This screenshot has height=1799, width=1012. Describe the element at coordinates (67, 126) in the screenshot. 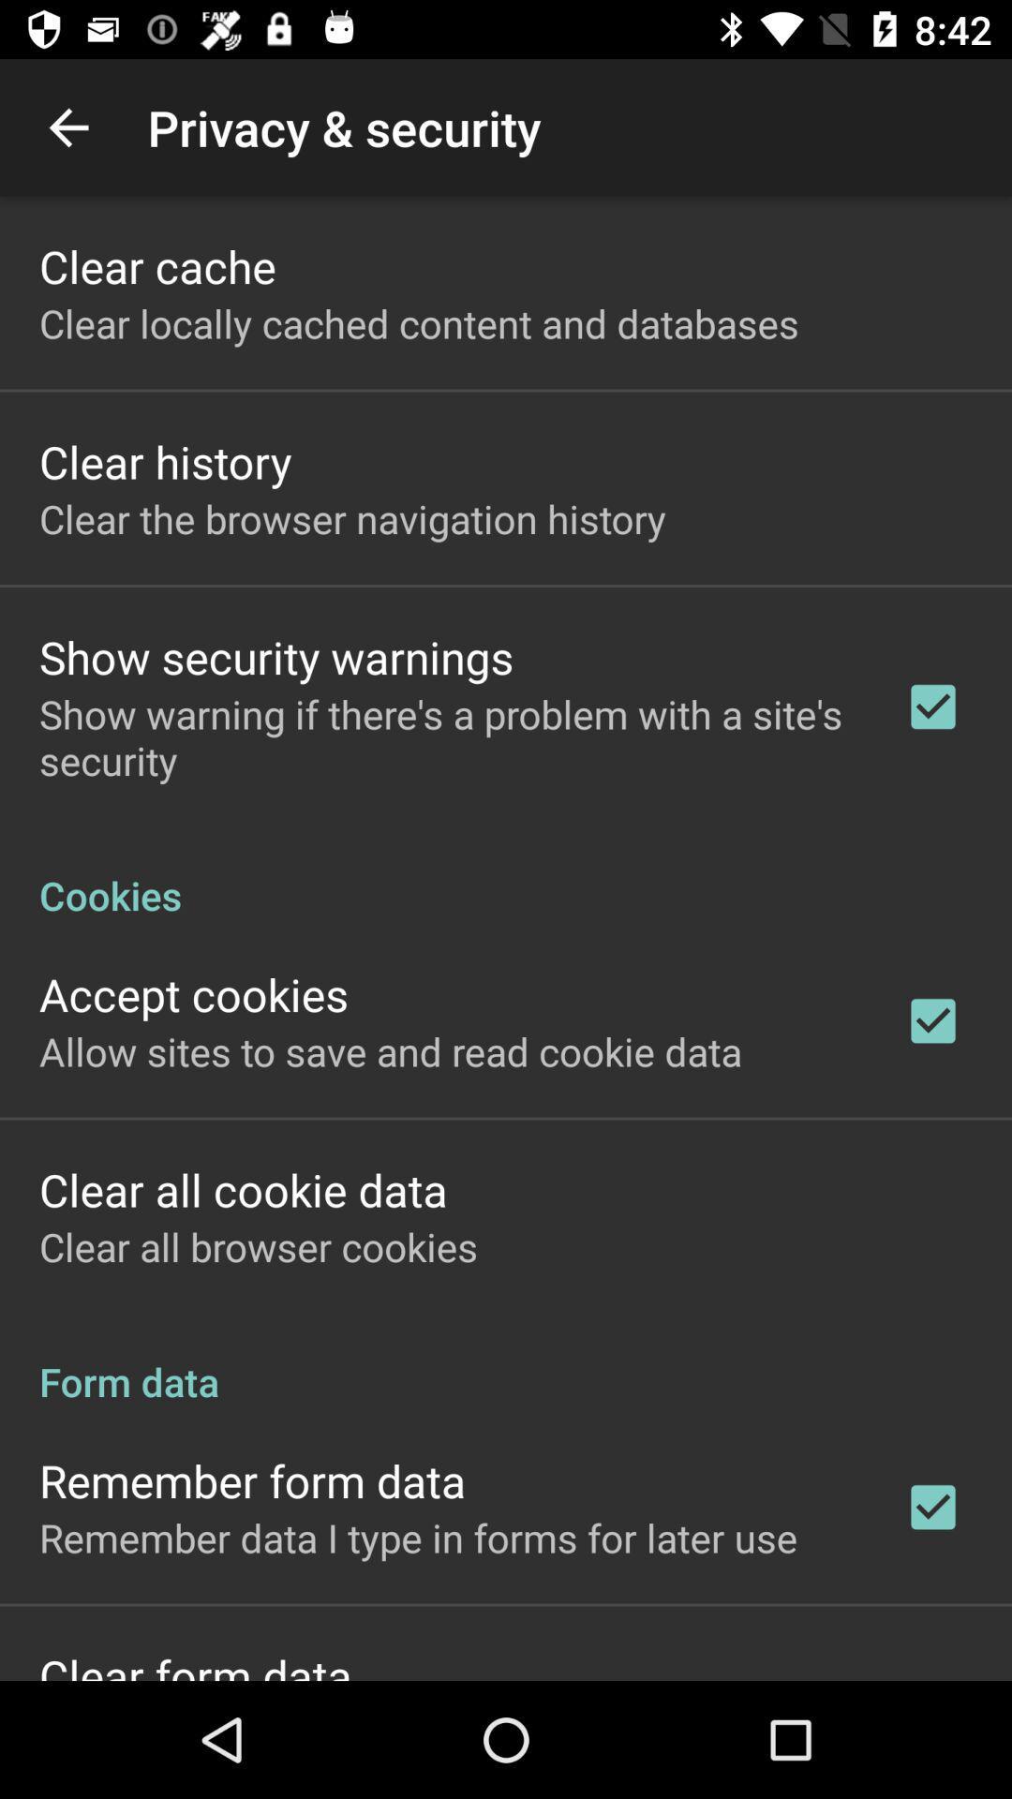

I see `icon to the left of privacy & security item` at that location.